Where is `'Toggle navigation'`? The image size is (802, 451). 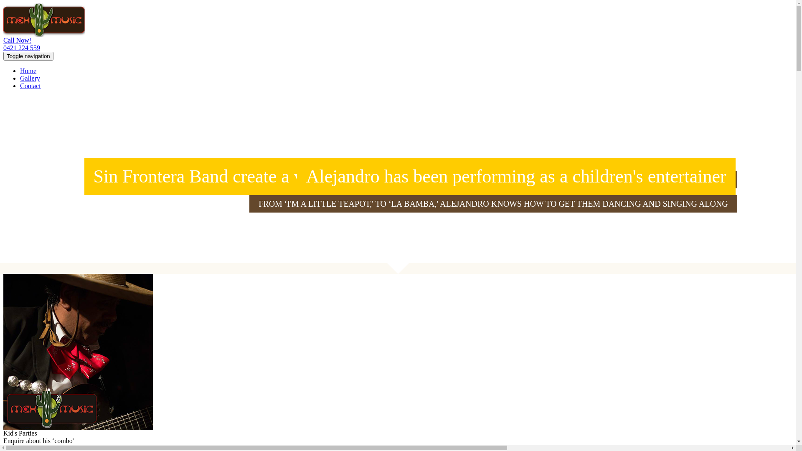
'Toggle navigation' is located at coordinates (3, 56).